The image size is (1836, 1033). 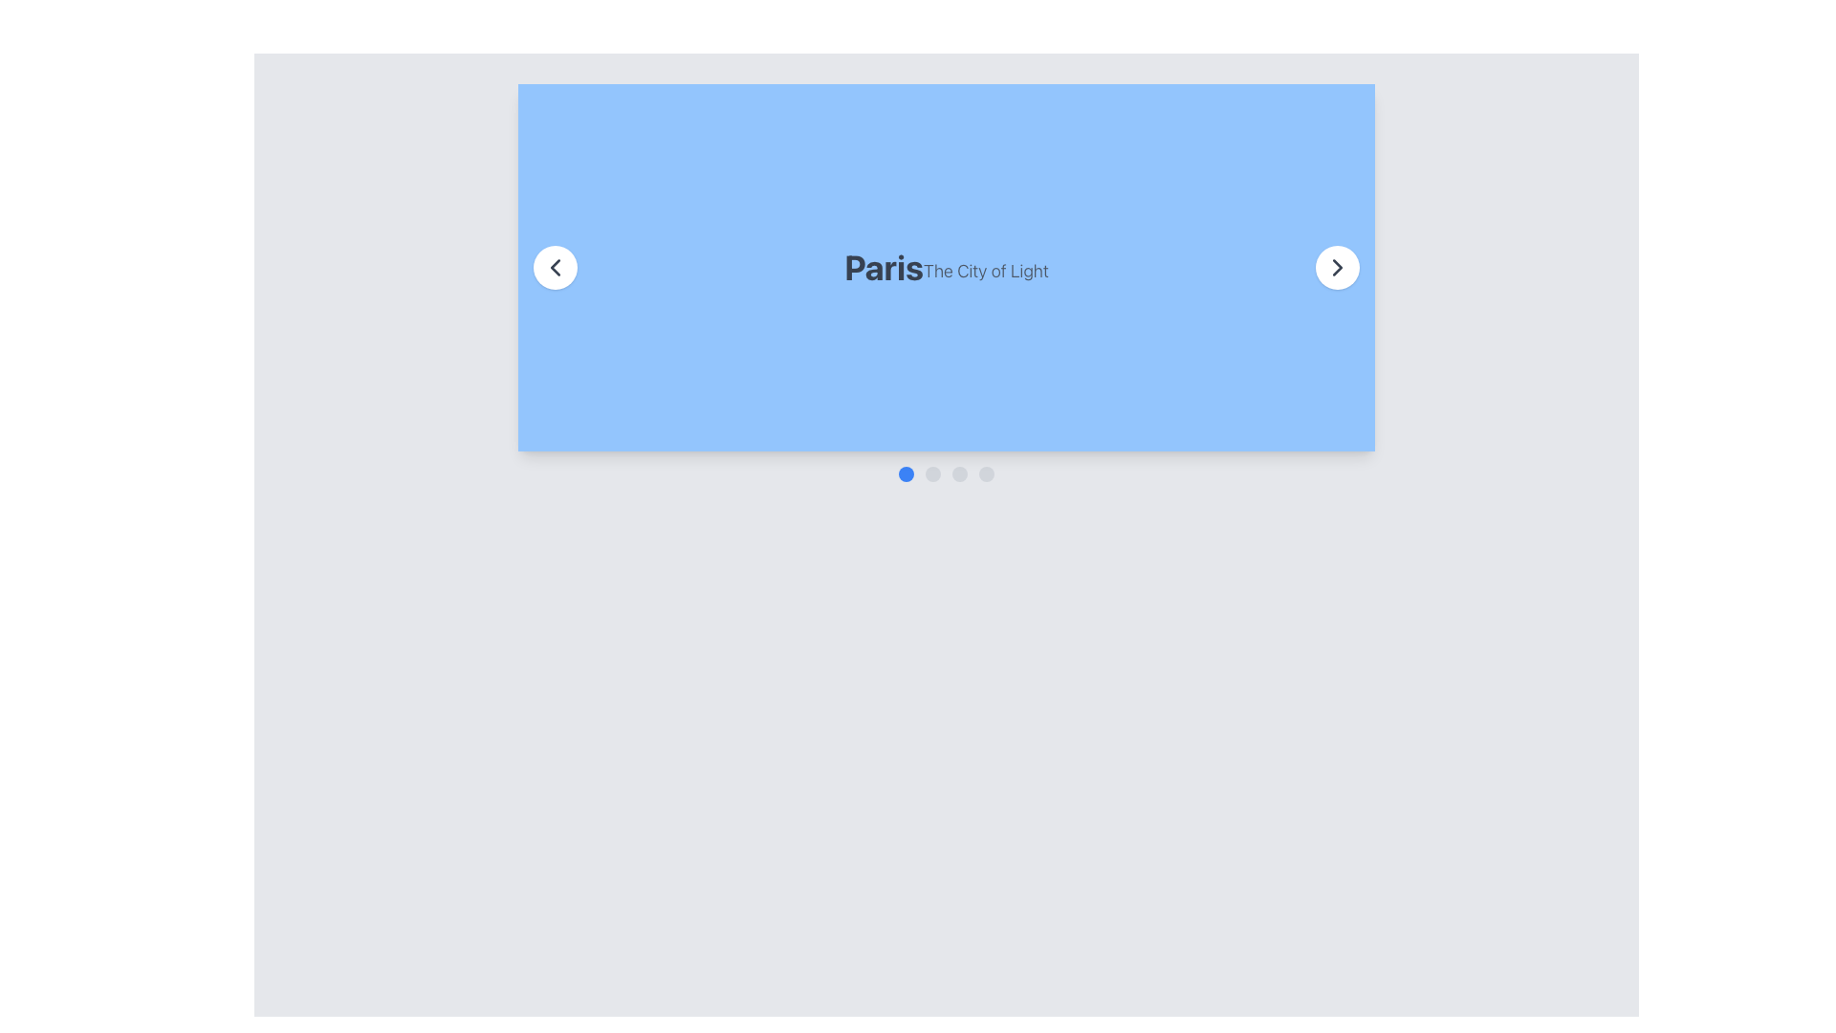 What do you see at coordinates (554, 268) in the screenshot?
I see `the left-pointing chevron icon within the circular white button` at bounding box center [554, 268].